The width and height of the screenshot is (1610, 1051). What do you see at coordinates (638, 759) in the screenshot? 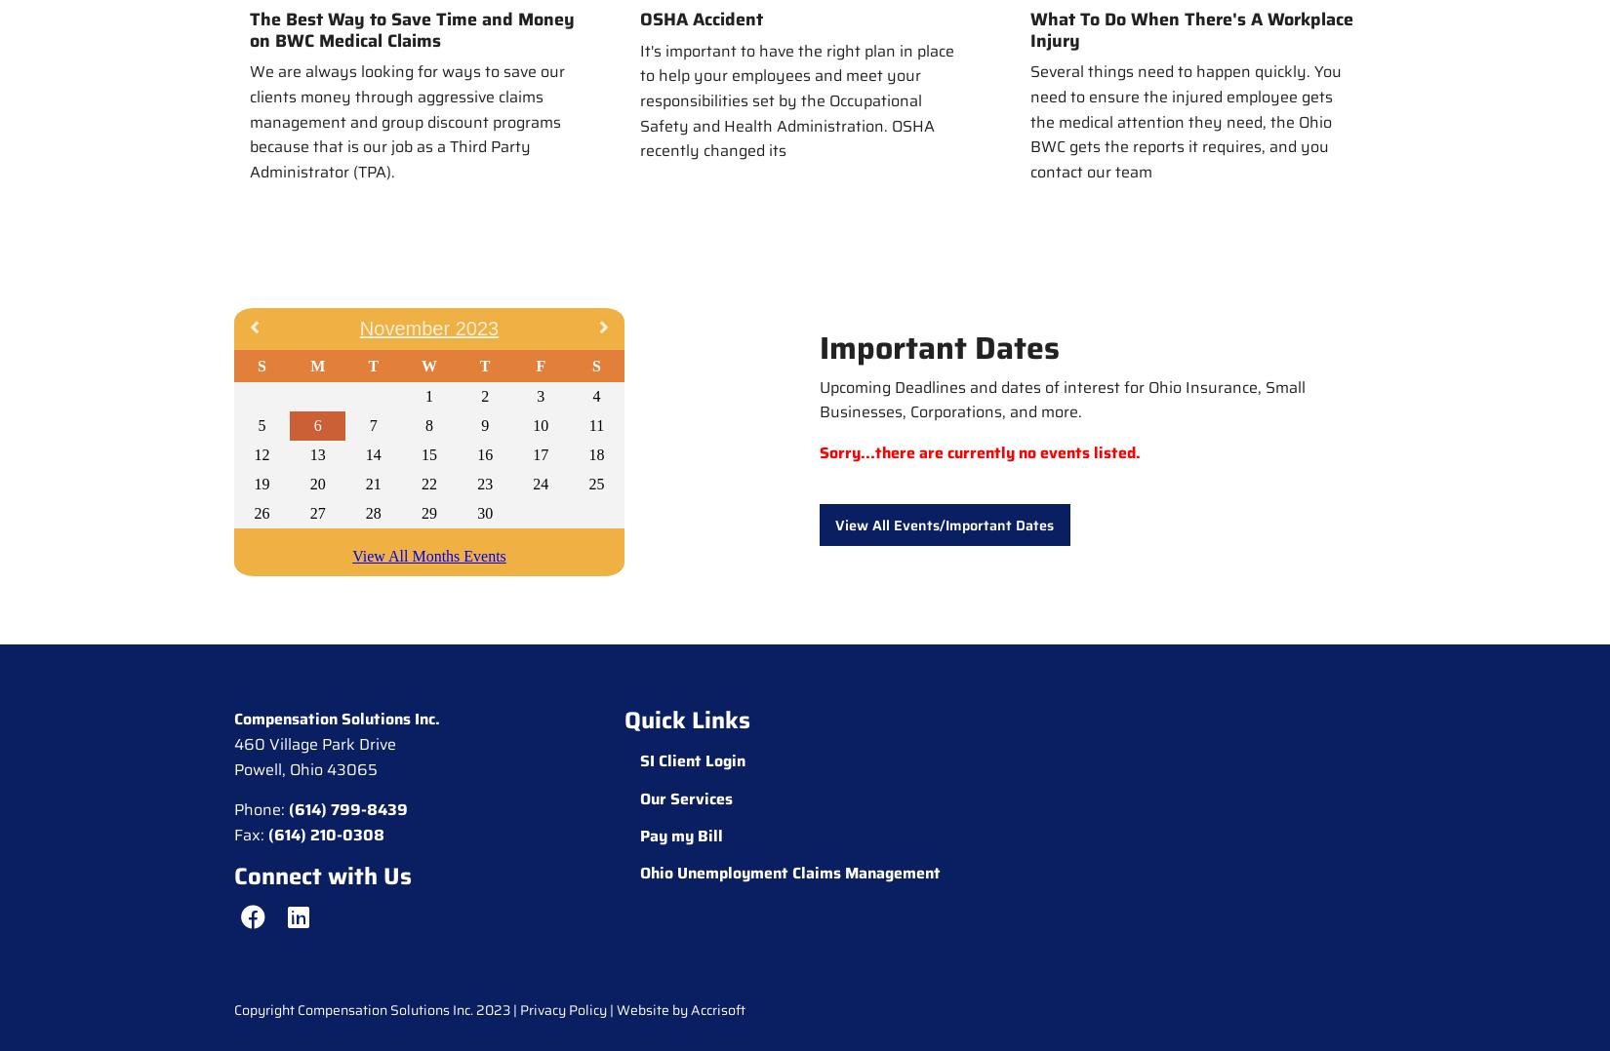
I see `'SI Client Login'` at bounding box center [638, 759].